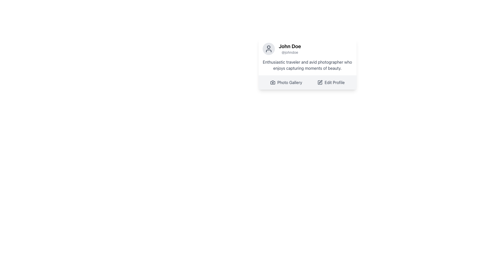 Image resolution: width=490 pixels, height=275 pixels. What do you see at coordinates (331, 82) in the screenshot?
I see `the profile edit button located on the right side of the layout` at bounding box center [331, 82].